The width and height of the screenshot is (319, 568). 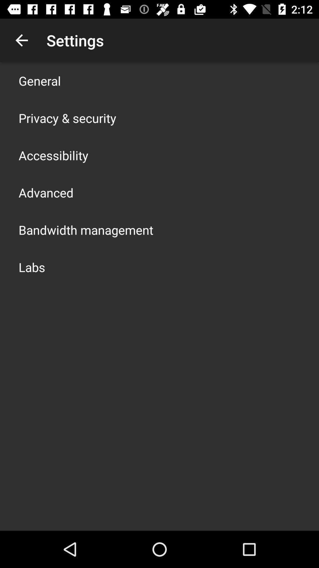 What do you see at coordinates (67, 118) in the screenshot?
I see `the app above accessibility icon` at bounding box center [67, 118].